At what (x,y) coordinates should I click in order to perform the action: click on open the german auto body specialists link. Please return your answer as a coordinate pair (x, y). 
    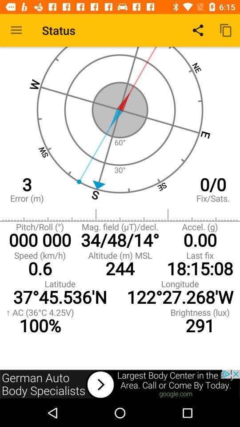
    Looking at the image, I should click on (120, 384).